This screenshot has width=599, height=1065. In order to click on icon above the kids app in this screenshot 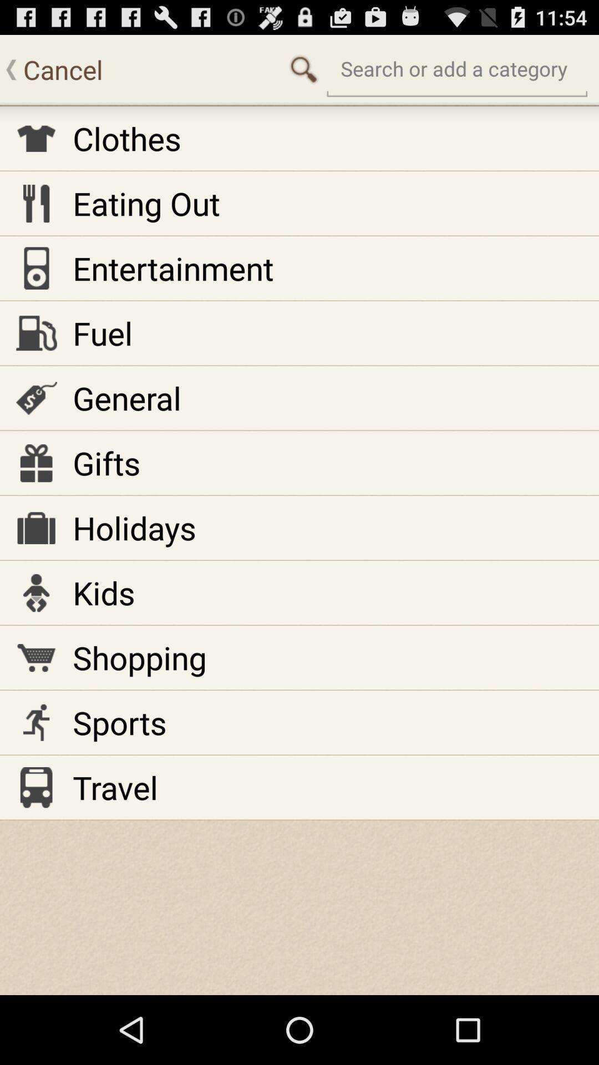, I will do `click(134, 527)`.